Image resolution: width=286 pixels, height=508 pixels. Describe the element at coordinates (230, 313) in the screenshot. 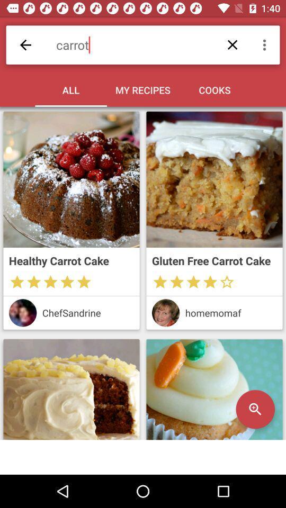

I see `homemomaf item` at that location.